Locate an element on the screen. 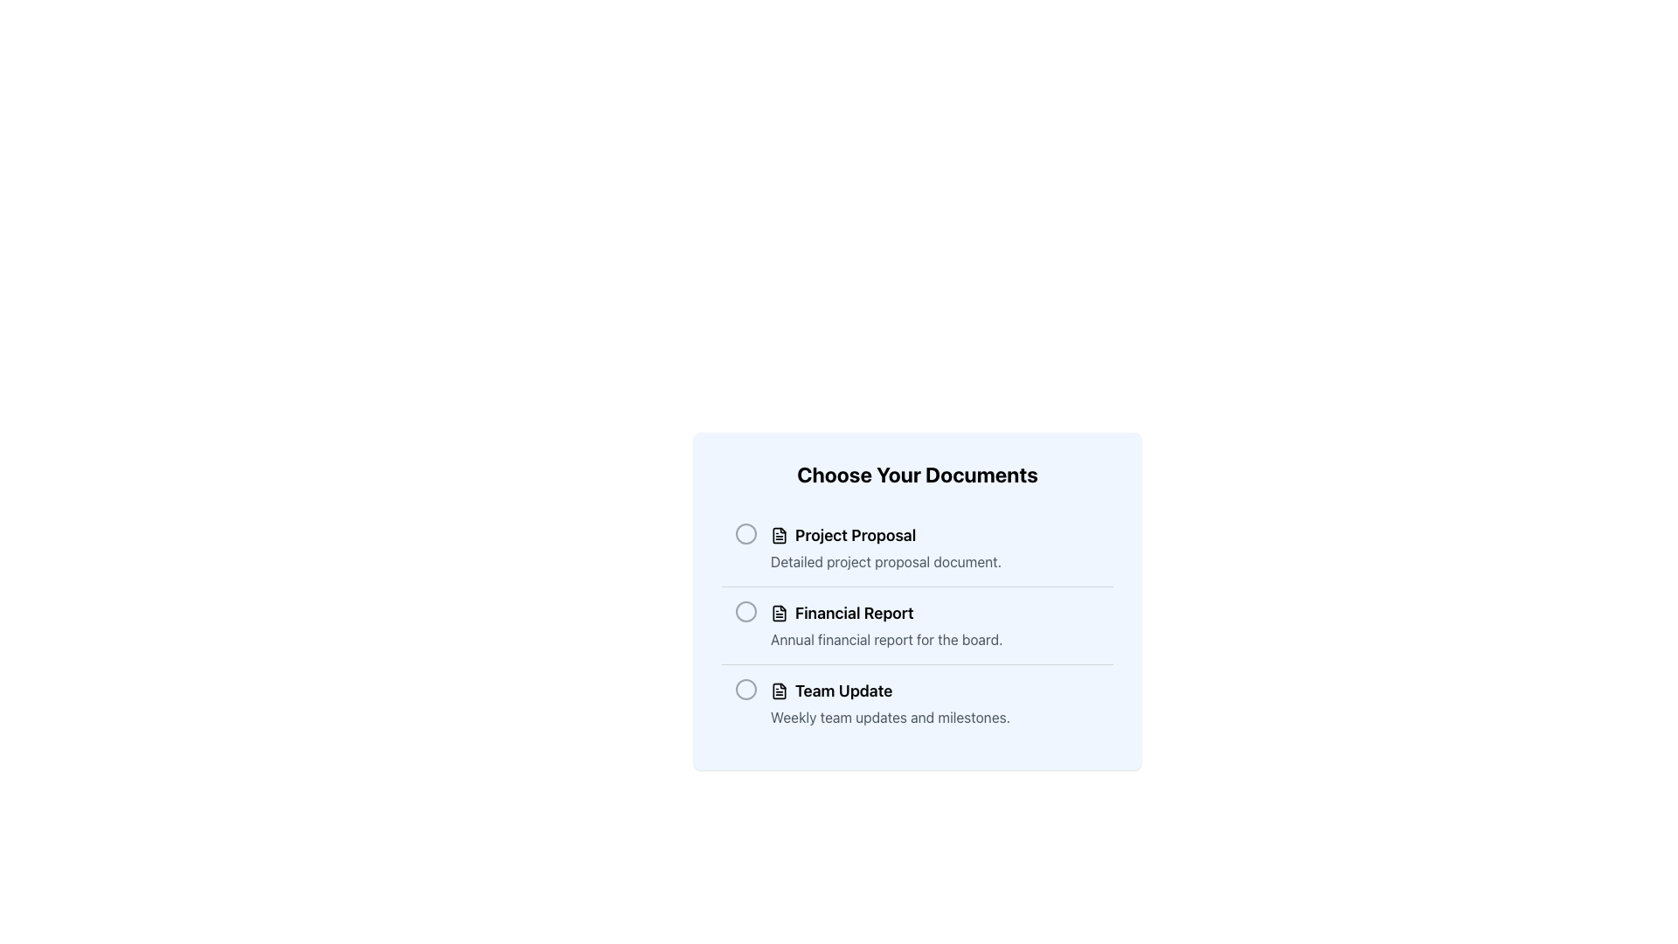 The height and width of the screenshot is (944, 1678). the decorative or status indicator element for the 'Financial Report' item, which is located at the leftmost position of its row is located at coordinates (746, 610).